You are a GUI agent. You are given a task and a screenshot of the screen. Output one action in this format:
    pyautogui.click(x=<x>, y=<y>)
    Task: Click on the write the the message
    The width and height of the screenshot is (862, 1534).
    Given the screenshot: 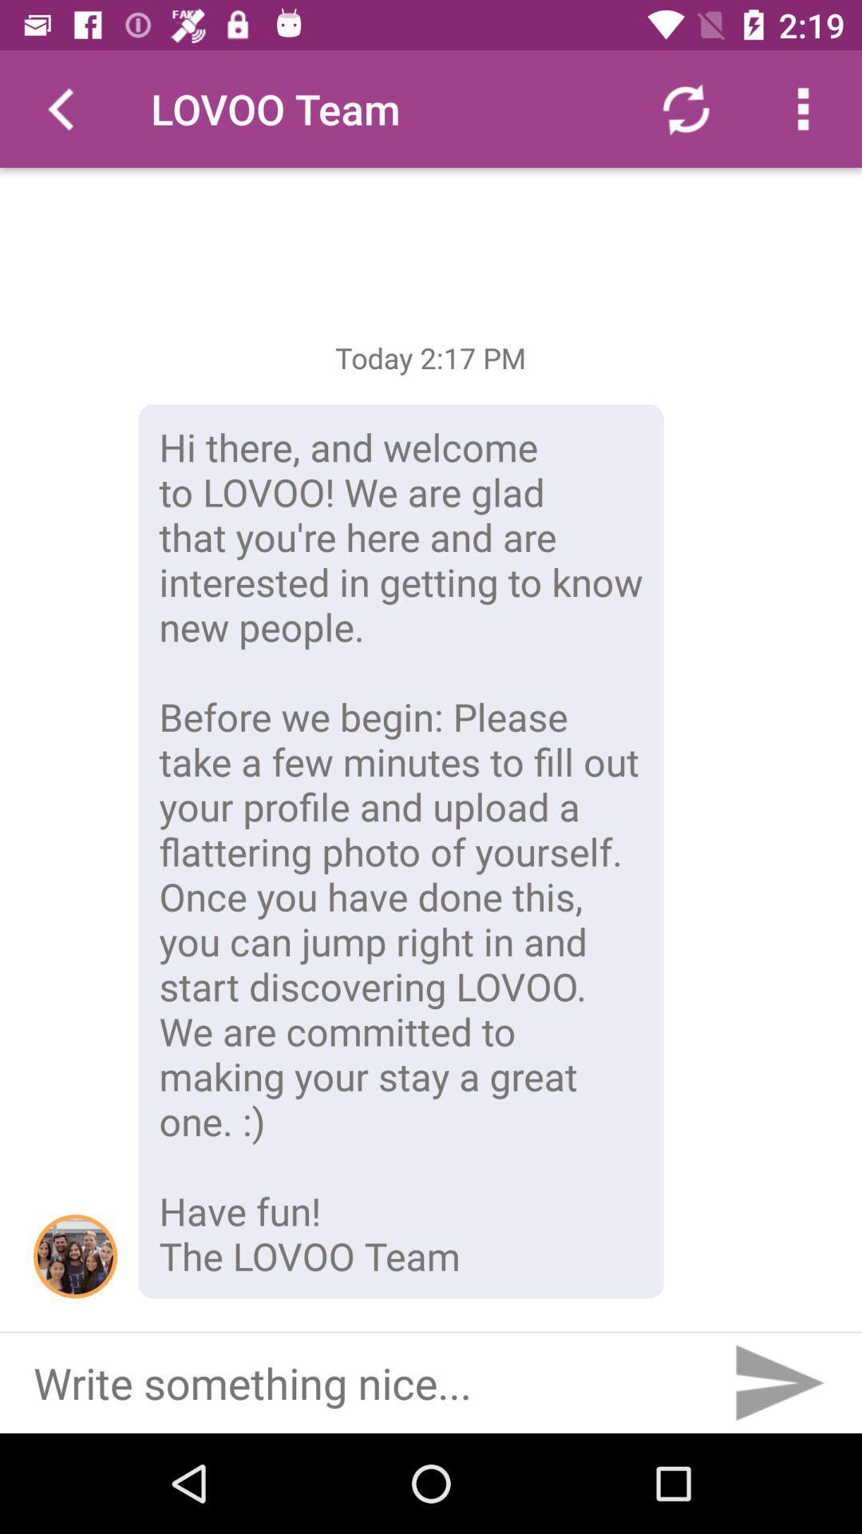 What is the action you would take?
    pyautogui.click(x=358, y=1382)
    